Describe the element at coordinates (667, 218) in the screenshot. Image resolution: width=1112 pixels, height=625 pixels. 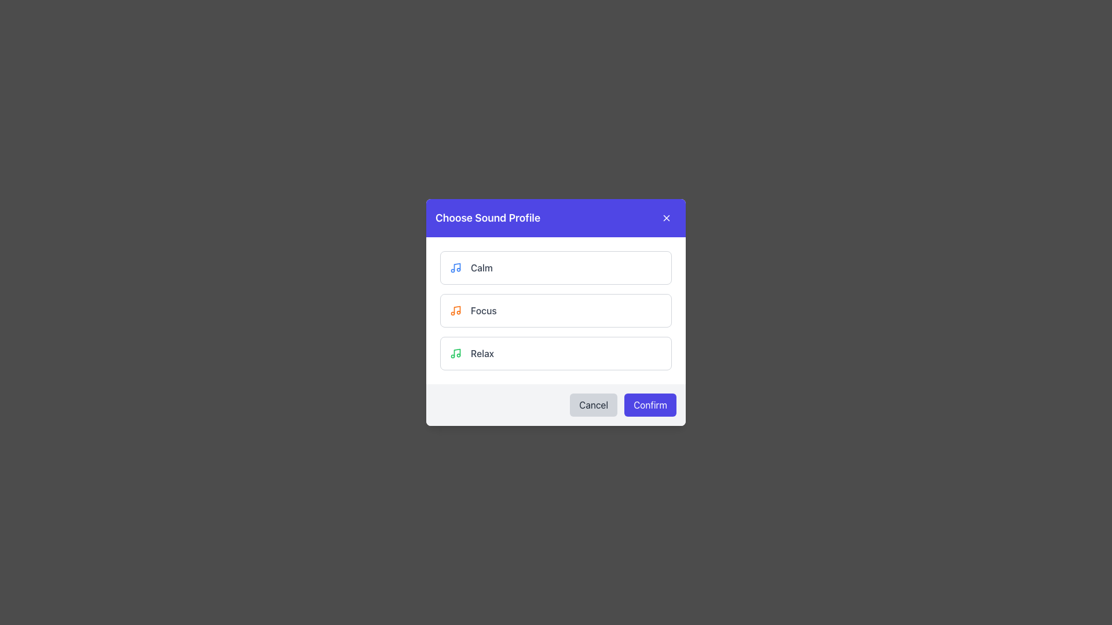
I see `the close button located in the top-right corner of the 'Choose Sound Profile' modal dialog` at that location.